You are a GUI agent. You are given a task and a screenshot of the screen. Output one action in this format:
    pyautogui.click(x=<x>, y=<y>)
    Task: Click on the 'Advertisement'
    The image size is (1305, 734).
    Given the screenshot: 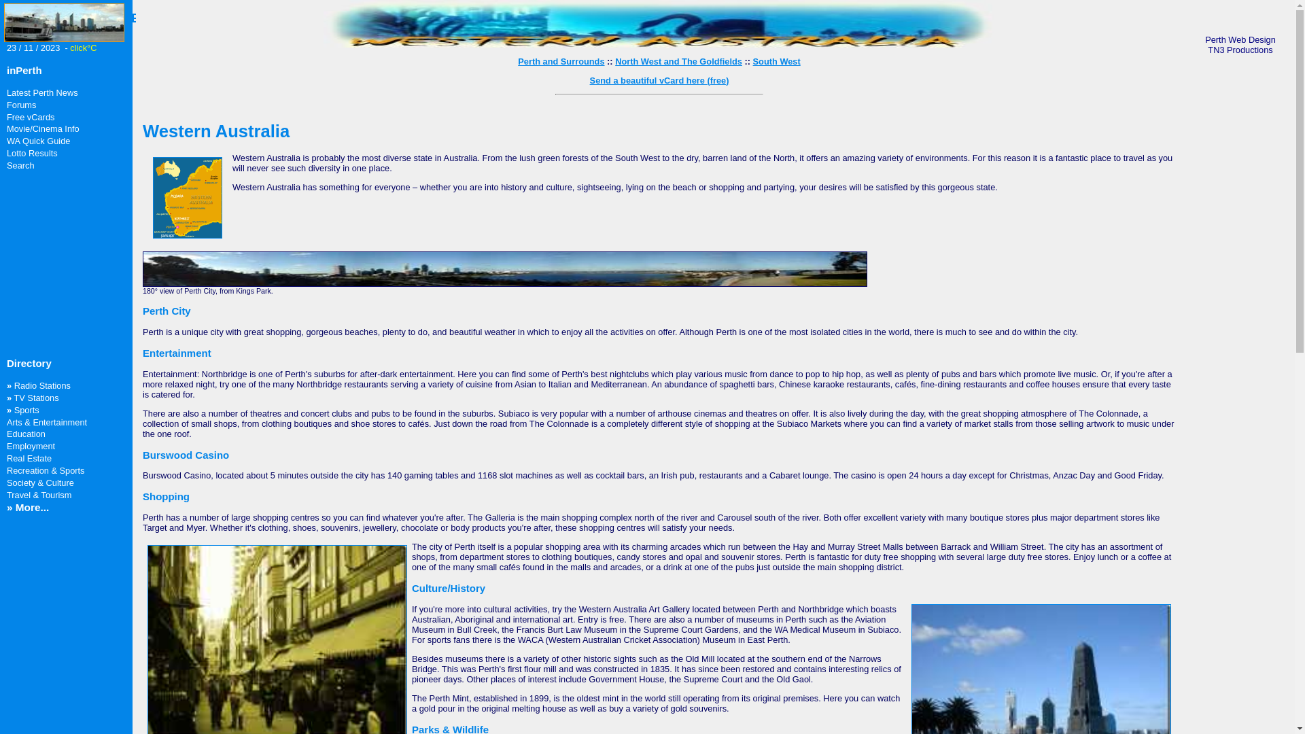 What is the action you would take?
    pyautogui.click(x=49, y=592)
    